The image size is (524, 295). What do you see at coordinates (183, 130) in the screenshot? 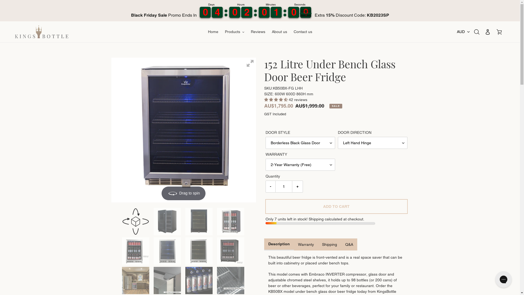
I see `'Drag to spin'` at bounding box center [183, 130].